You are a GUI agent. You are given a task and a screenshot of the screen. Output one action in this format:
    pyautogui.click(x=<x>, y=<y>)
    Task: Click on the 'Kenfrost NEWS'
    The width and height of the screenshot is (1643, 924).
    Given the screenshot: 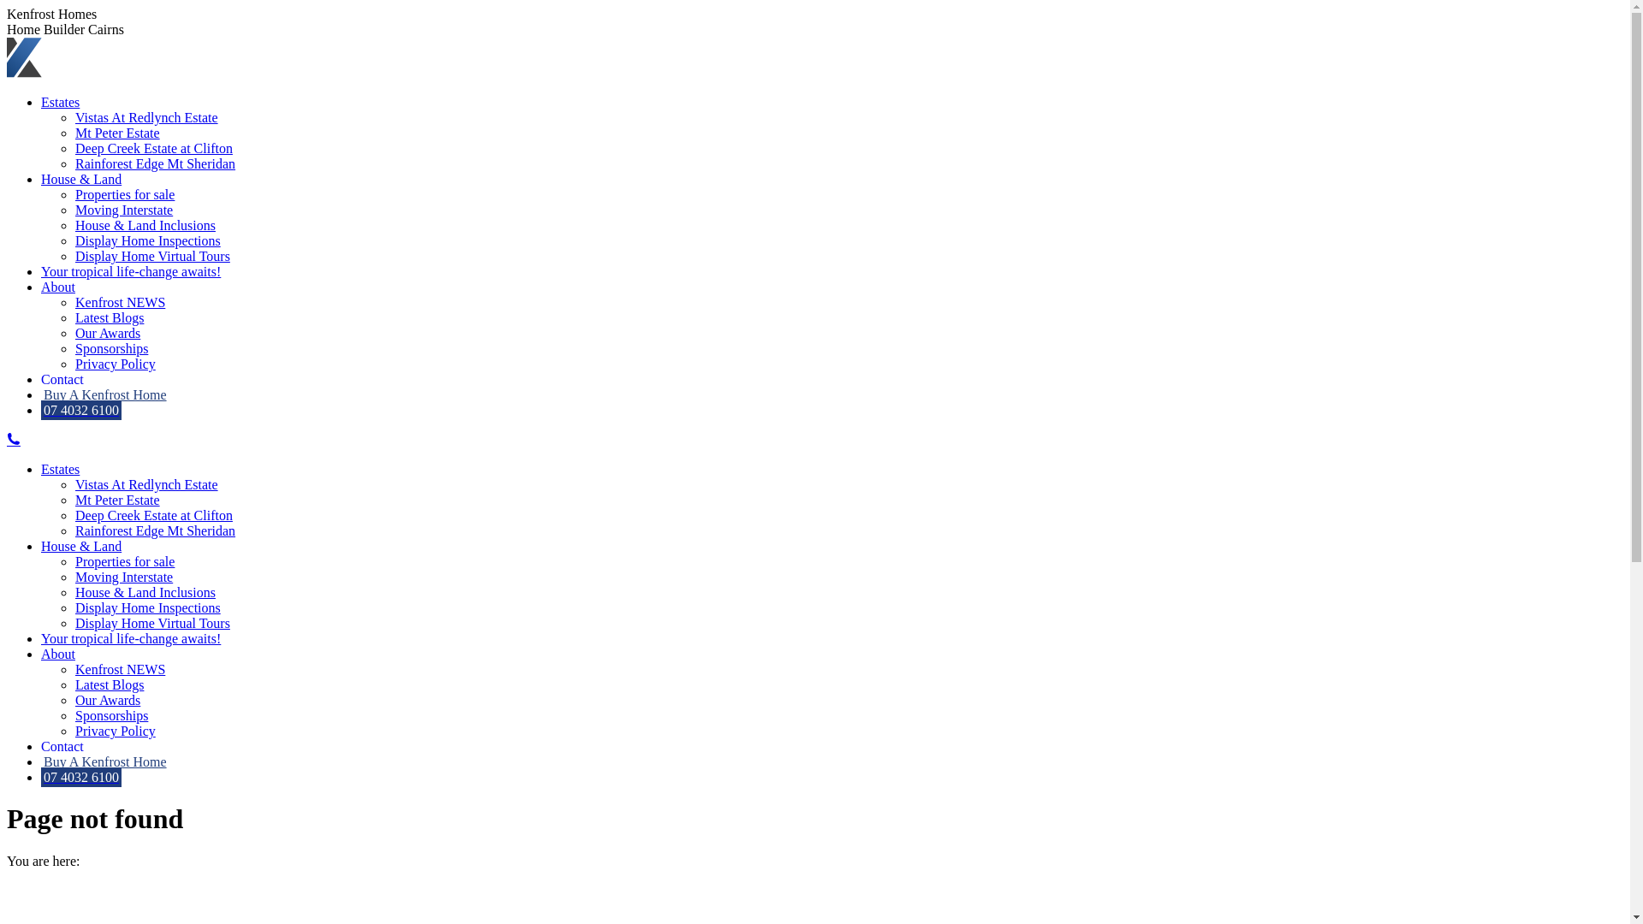 What is the action you would take?
    pyautogui.click(x=74, y=301)
    